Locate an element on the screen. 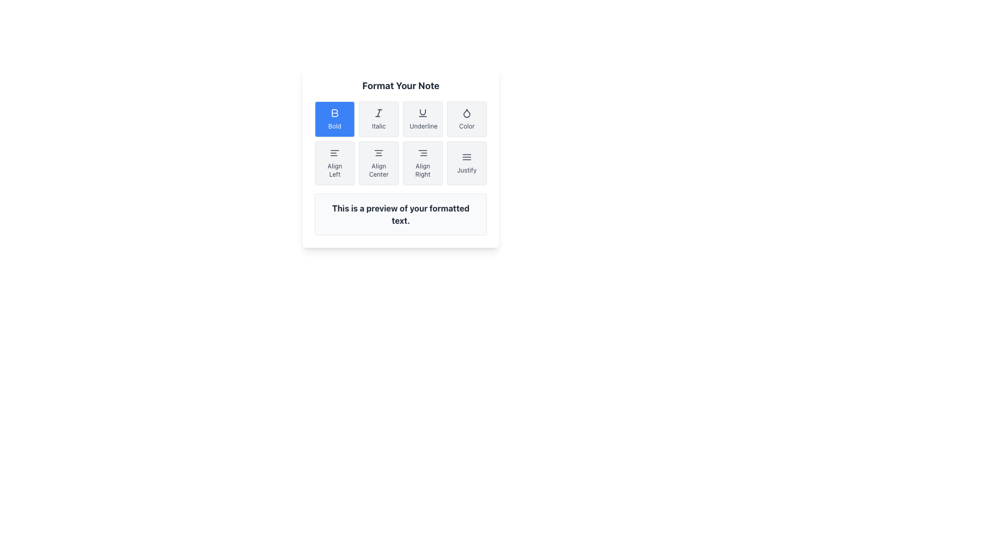  the 'U'-shaped underline icon located in the third column and first row of the 'Format Your Note' toolbar is located at coordinates (422, 112).